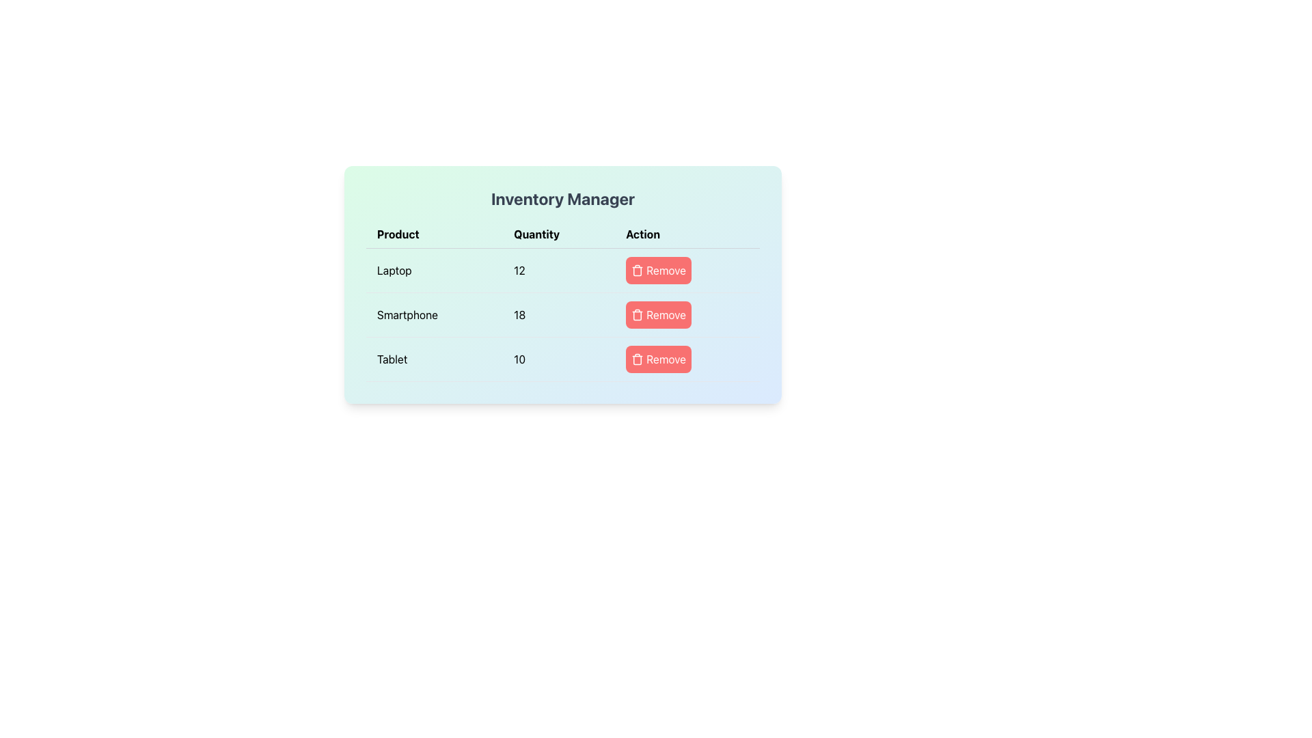 This screenshot has width=1312, height=738. Describe the element at coordinates (563, 315) in the screenshot. I see `the second row in the table structure that displays 'Smartphone', '18', and a 'Remove' button with a red background and trash icon` at that location.